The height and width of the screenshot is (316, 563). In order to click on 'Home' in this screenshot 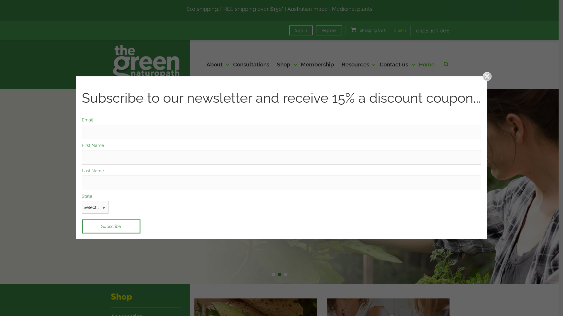, I will do `click(426, 64)`.